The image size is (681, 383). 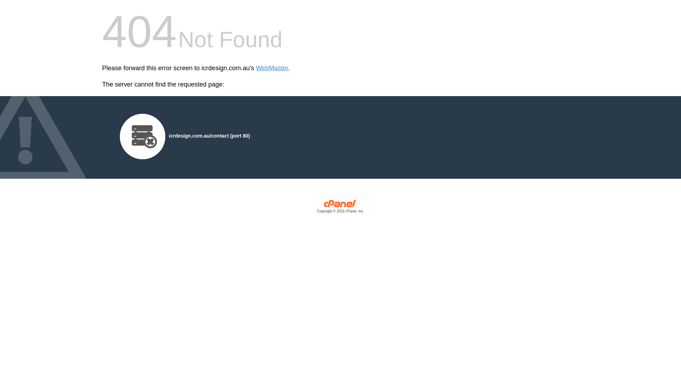 What do you see at coordinates (272, 68) in the screenshot?
I see `'WebMaster'` at bounding box center [272, 68].